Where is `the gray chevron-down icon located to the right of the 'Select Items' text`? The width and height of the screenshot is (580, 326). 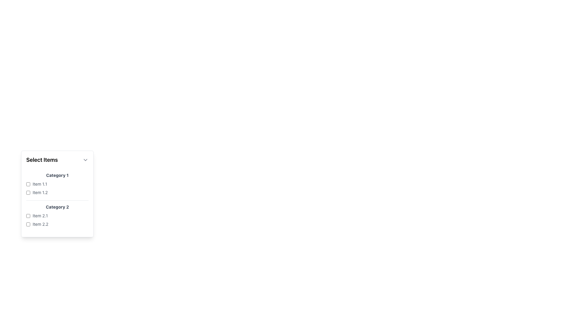 the gray chevron-down icon located to the right of the 'Select Items' text is located at coordinates (85, 159).